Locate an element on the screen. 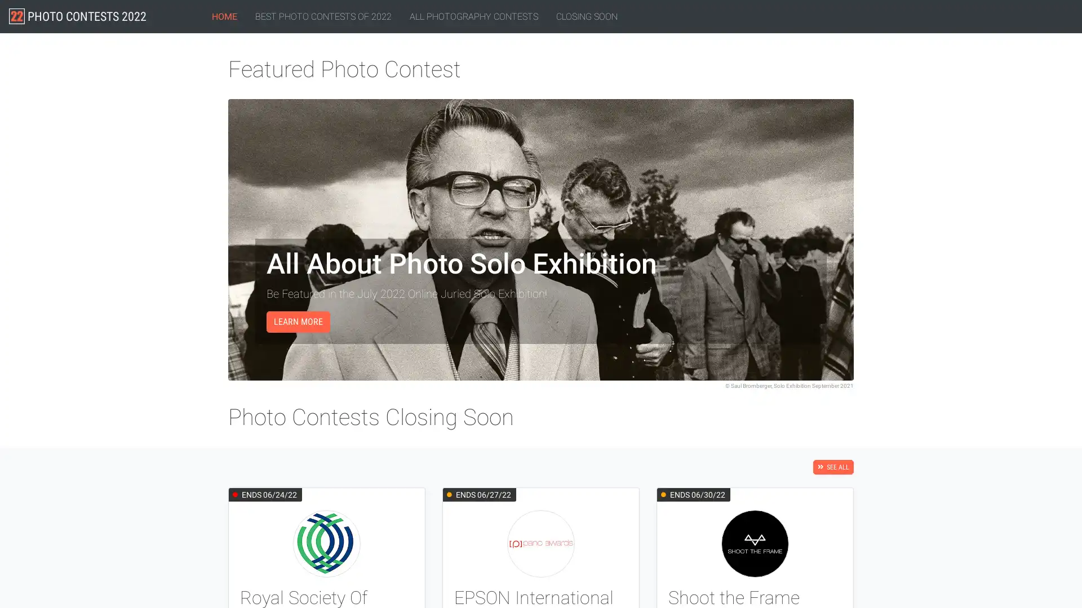 Image resolution: width=1082 pixels, height=608 pixels. LEARN MORE is located at coordinates (298, 321).